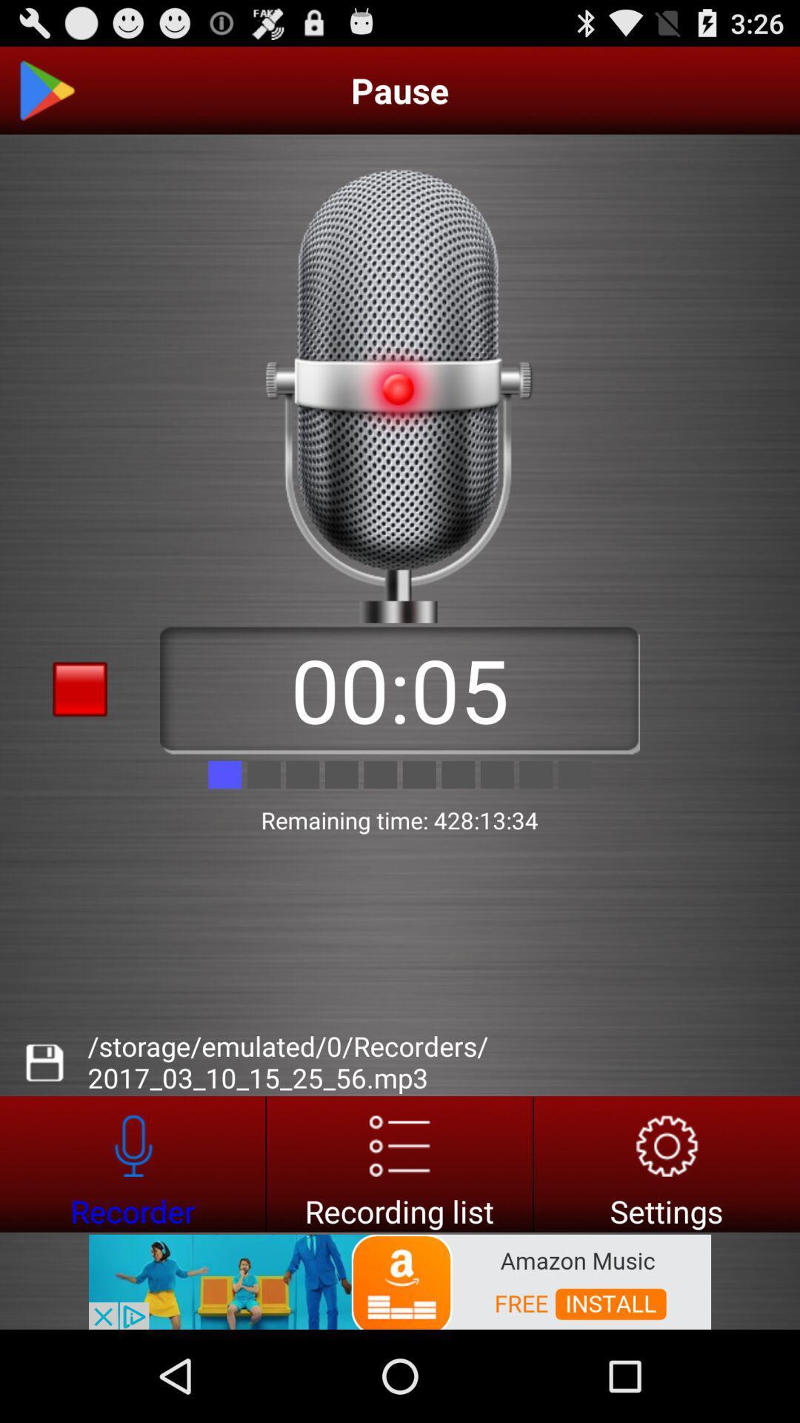 Image resolution: width=800 pixels, height=1423 pixels. What do you see at coordinates (132, 1163) in the screenshot?
I see `start recording` at bounding box center [132, 1163].